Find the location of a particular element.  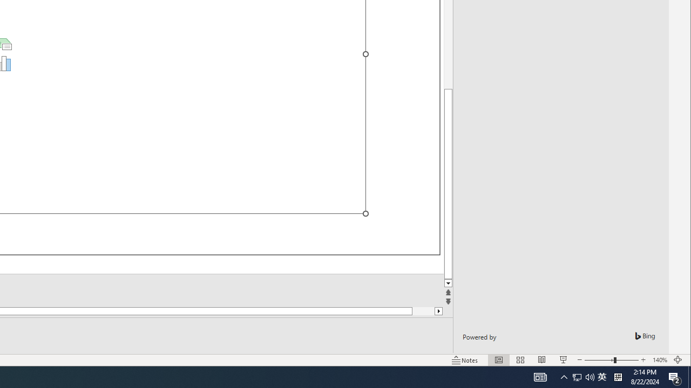

'Line down' is located at coordinates (448, 283).